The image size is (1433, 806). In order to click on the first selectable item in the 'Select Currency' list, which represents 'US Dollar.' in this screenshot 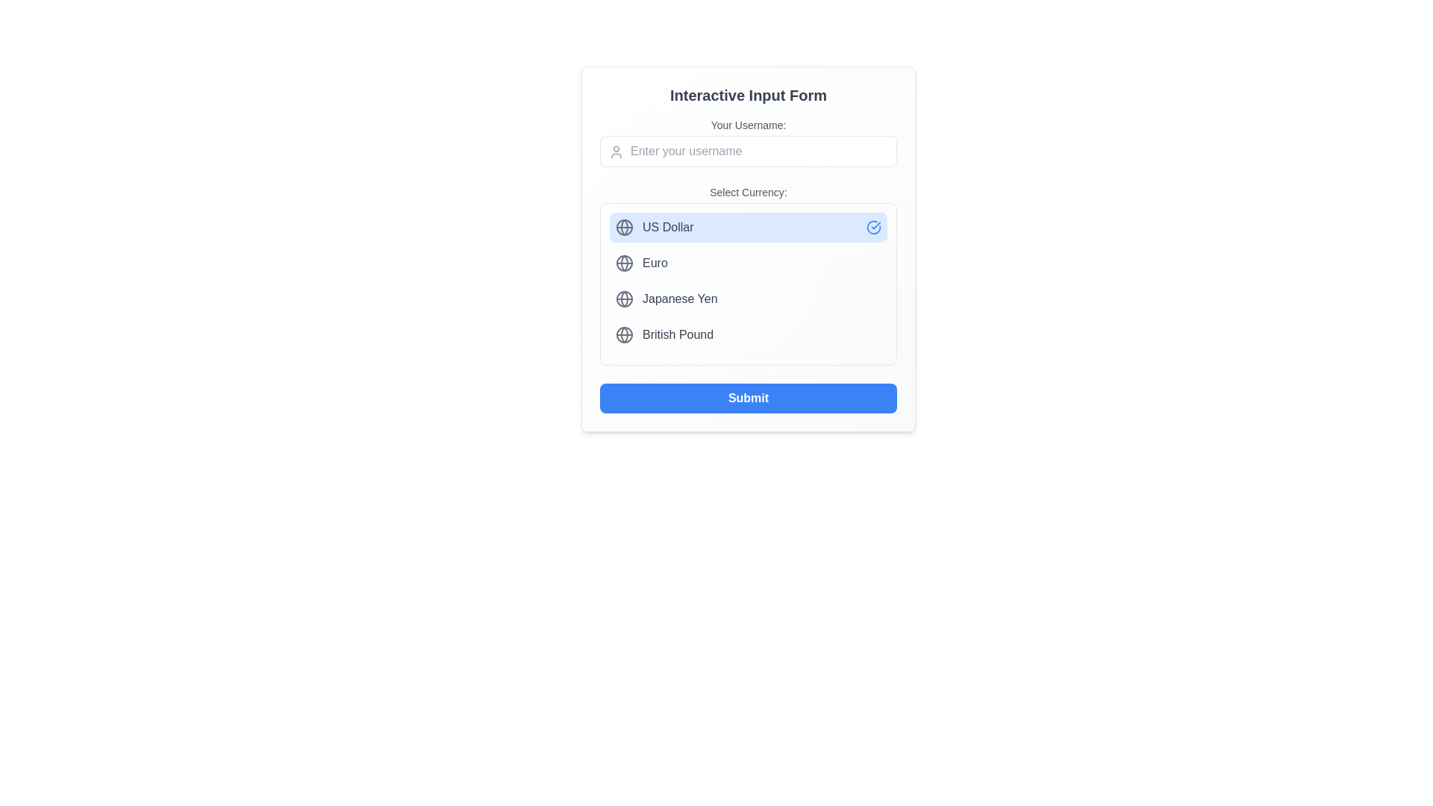, I will do `click(749, 227)`.